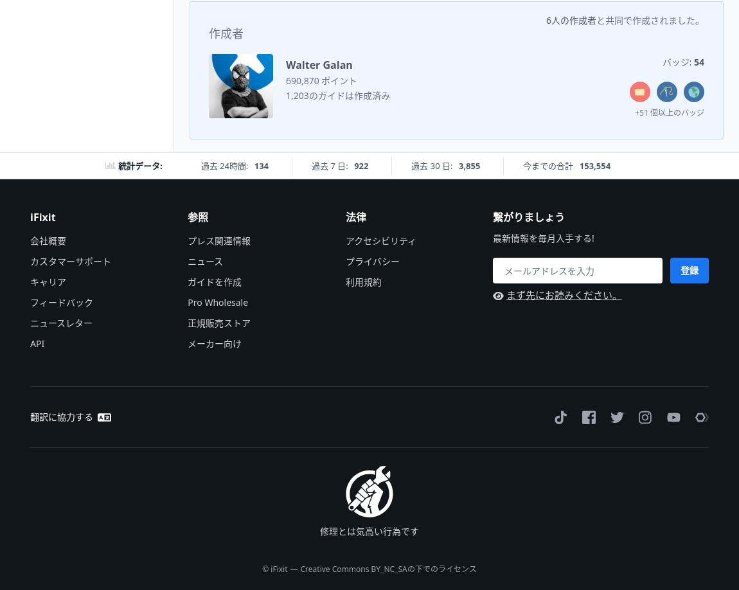 The height and width of the screenshot is (590, 739). Describe the element at coordinates (361, 165) in the screenshot. I see `'922'` at that location.